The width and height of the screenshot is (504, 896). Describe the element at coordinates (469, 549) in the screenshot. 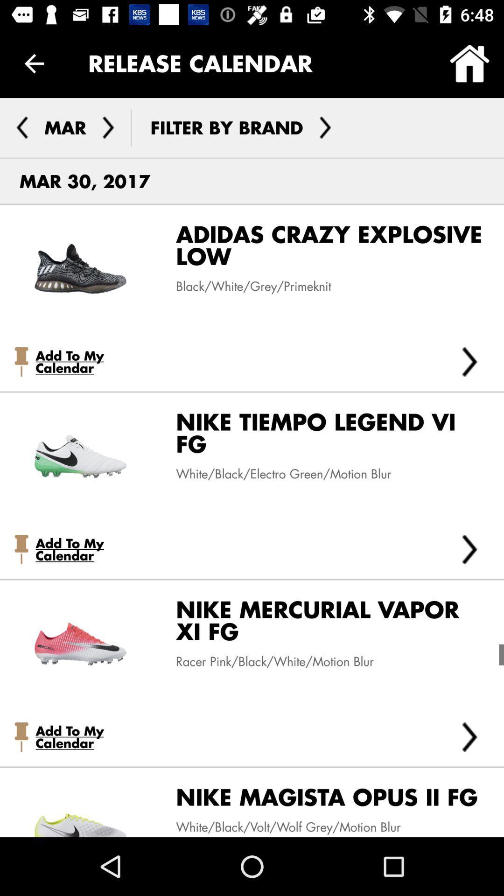

I see `the icon to the right of the add to my` at that location.